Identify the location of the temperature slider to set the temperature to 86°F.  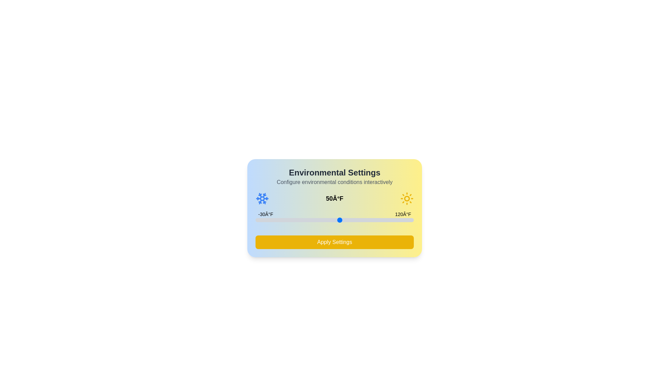
(377, 220).